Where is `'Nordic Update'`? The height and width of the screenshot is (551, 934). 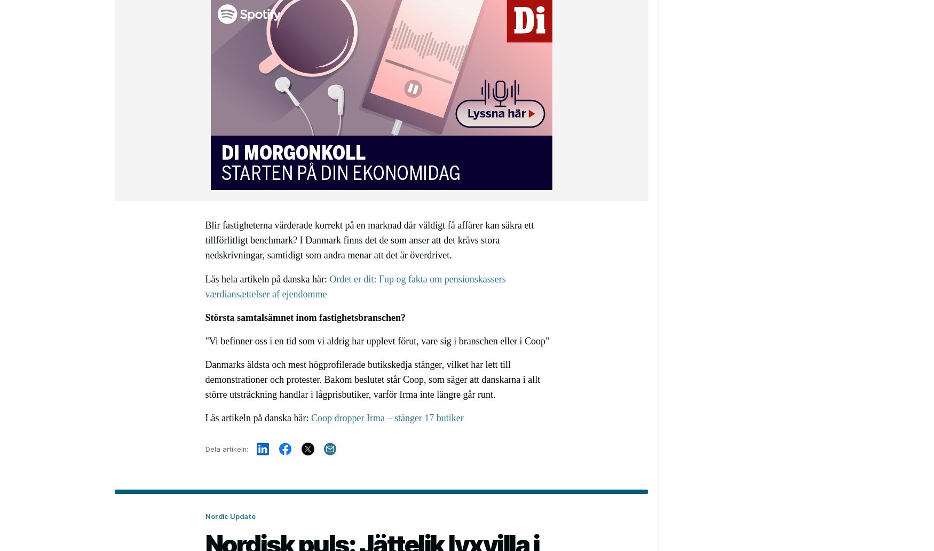
'Nordic Update' is located at coordinates (229, 515).